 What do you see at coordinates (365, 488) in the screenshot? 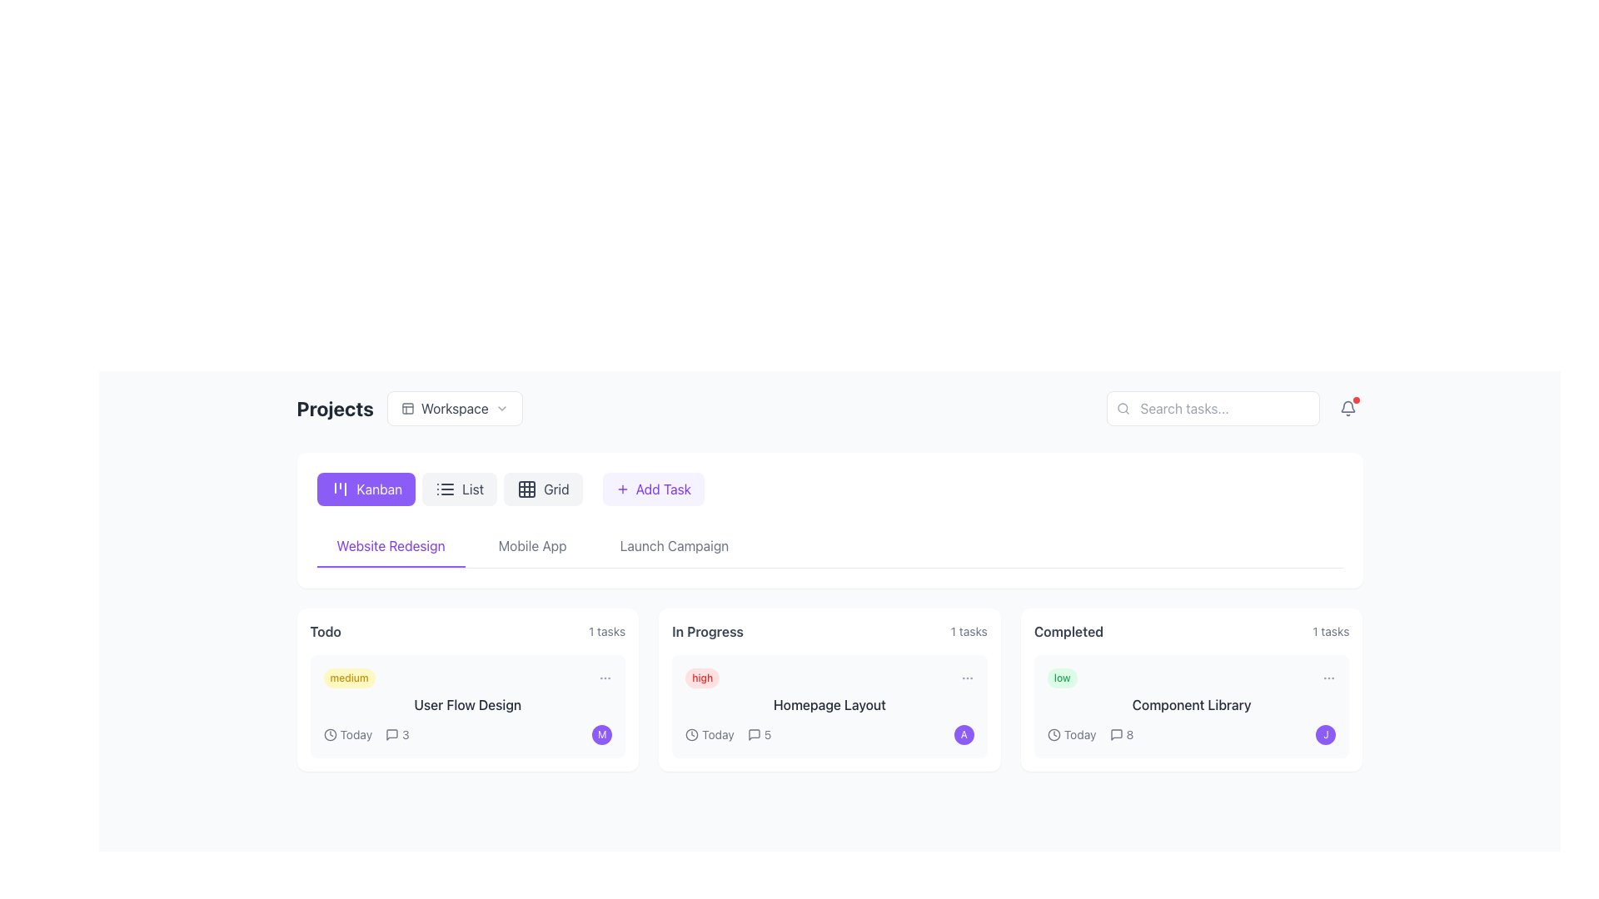
I see `the 'Kanban' button, which is a rectangular button with a violet background and white text, located in the navigation bar above the main content area` at bounding box center [365, 488].